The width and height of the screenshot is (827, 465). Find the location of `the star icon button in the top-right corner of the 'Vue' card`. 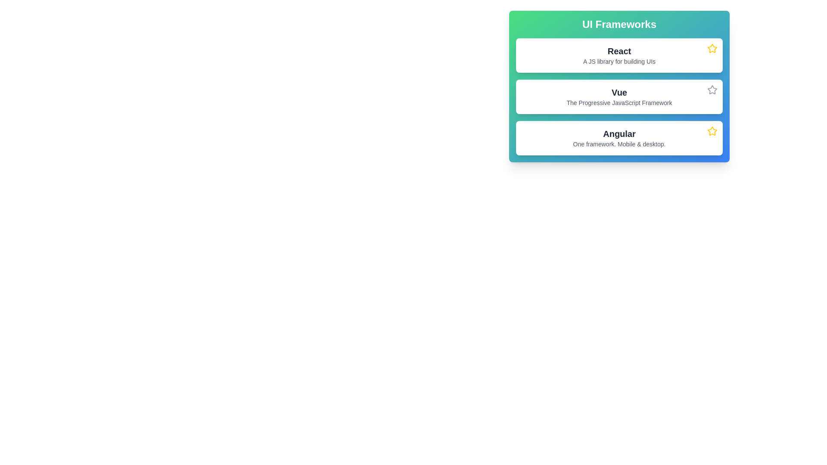

the star icon button in the top-right corner of the 'Vue' card is located at coordinates (712, 90).